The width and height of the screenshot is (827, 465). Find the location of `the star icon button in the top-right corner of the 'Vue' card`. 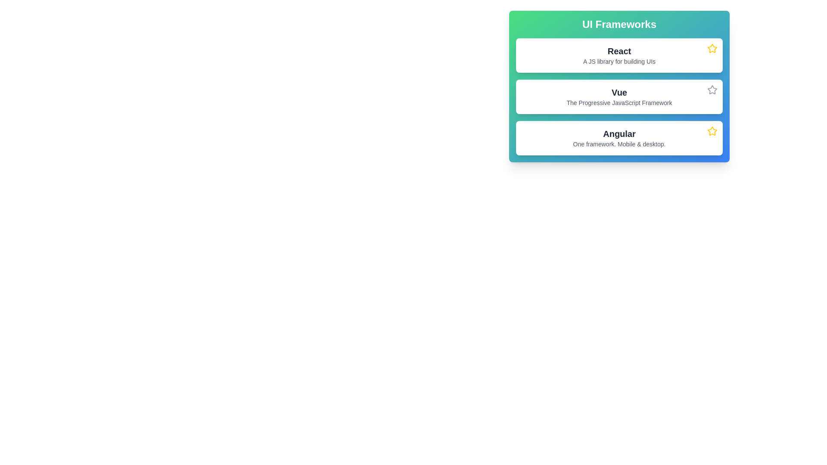

the star icon button in the top-right corner of the 'Vue' card is located at coordinates (712, 90).